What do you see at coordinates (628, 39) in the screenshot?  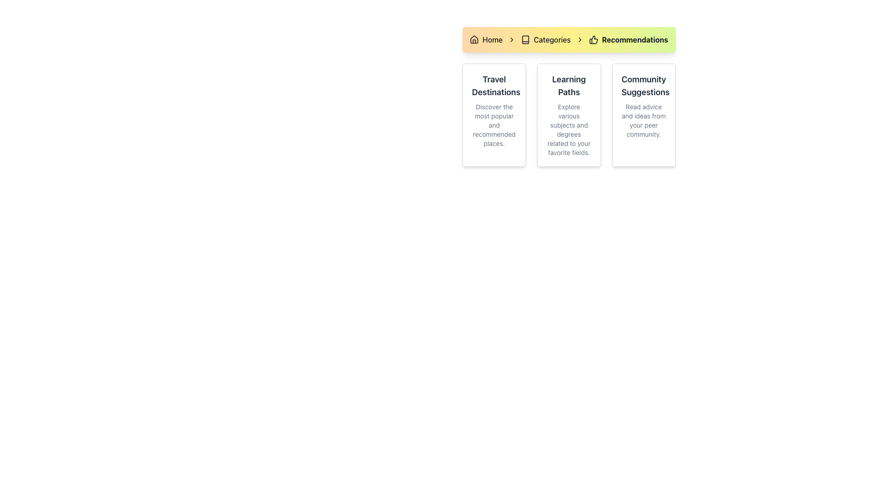 I see `the third breadcrumb navigation item labeled 'Recommendations'` at bounding box center [628, 39].